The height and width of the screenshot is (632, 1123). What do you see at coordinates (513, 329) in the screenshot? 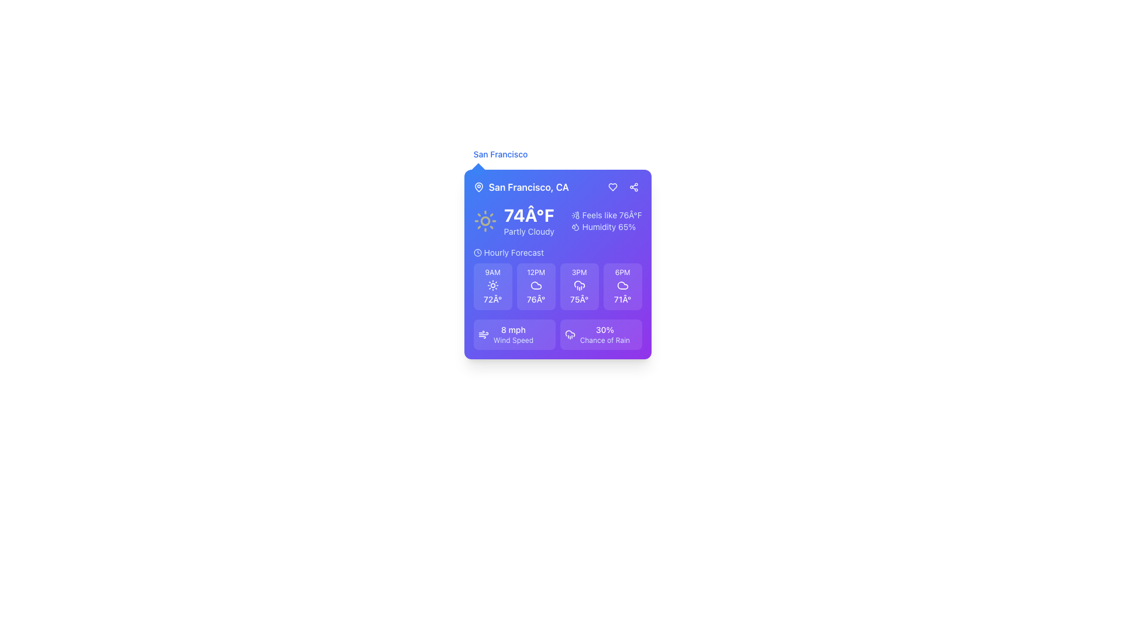
I see `the text label displaying '8 mph' located in the bottom left corner of the weather card interface, which is styled in a medium-sized font and is above the smaller label 'Wind Speed'` at bounding box center [513, 329].